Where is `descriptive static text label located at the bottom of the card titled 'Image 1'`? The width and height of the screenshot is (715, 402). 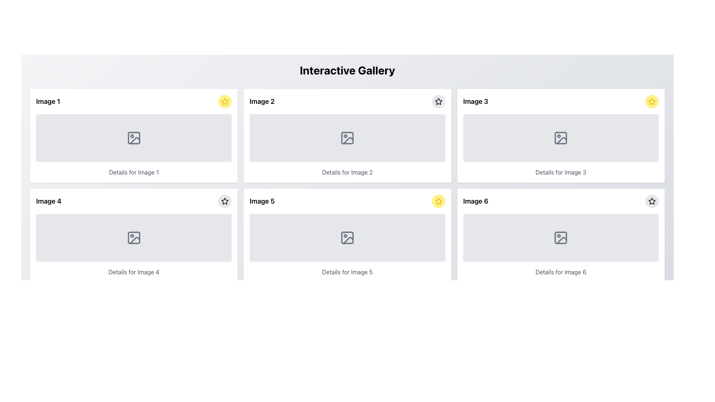
descriptive static text label located at the bottom of the card titled 'Image 1' is located at coordinates (134, 172).